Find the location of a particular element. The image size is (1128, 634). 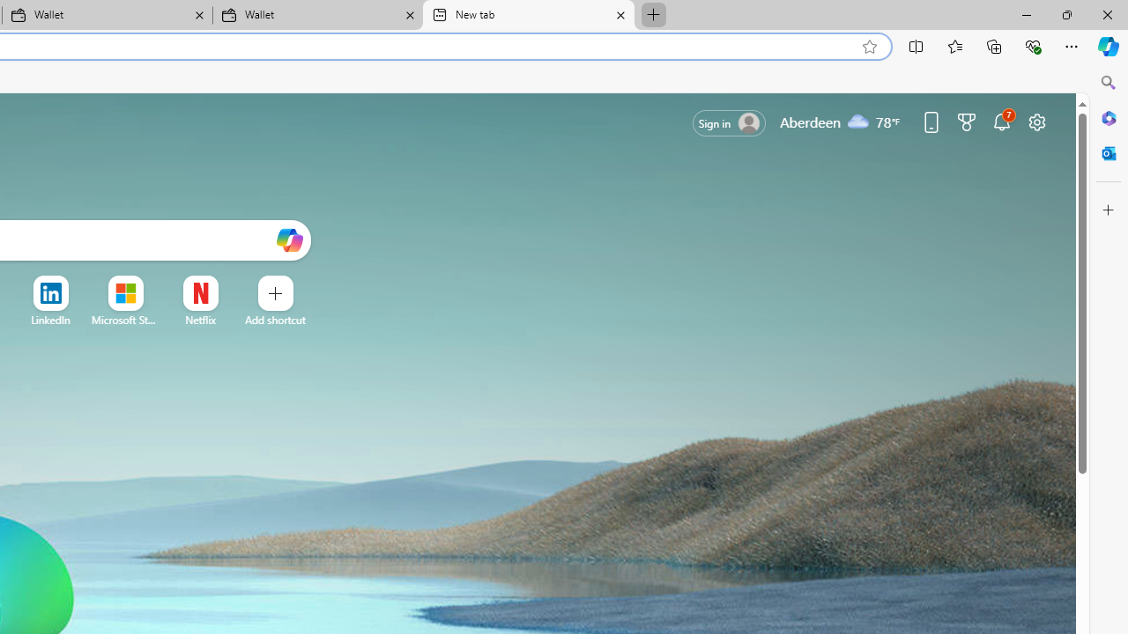

'Add a site' is located at coordinates (274, 320).